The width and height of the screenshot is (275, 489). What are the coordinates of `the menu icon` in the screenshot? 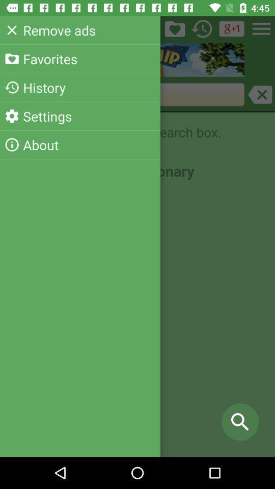 It's located at (261, 28).